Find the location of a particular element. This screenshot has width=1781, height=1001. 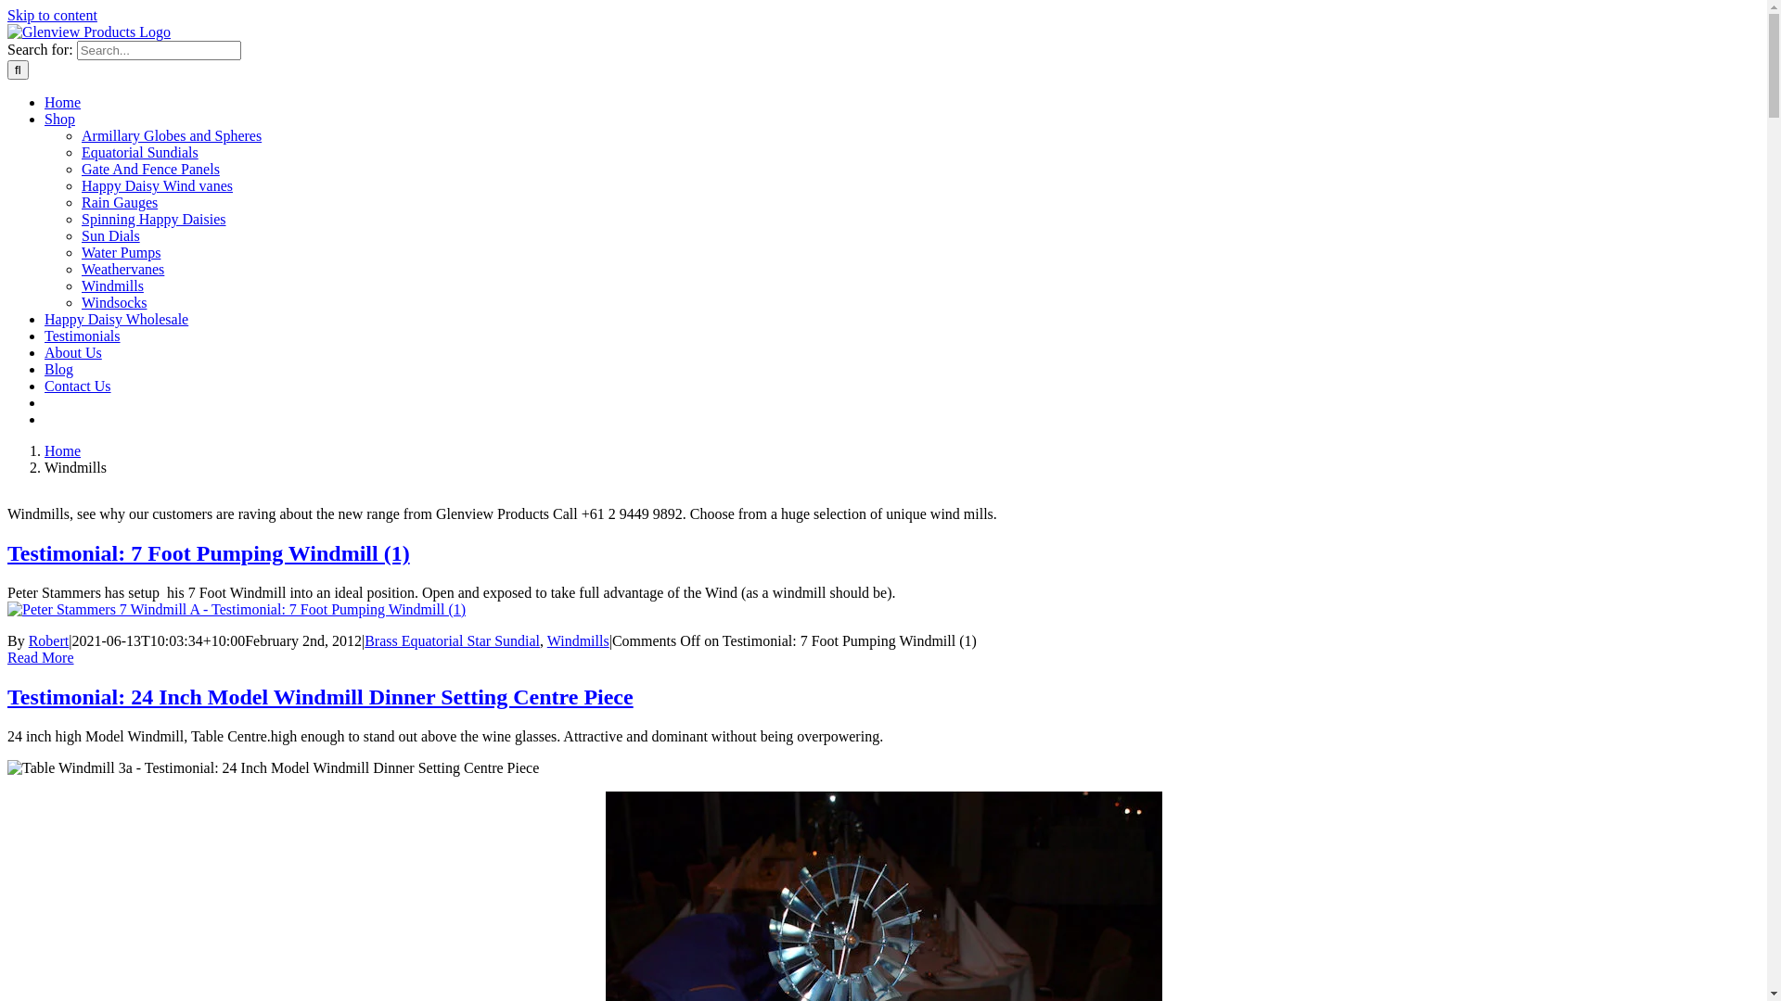

'Robert' is located at coordinates (28, 640).